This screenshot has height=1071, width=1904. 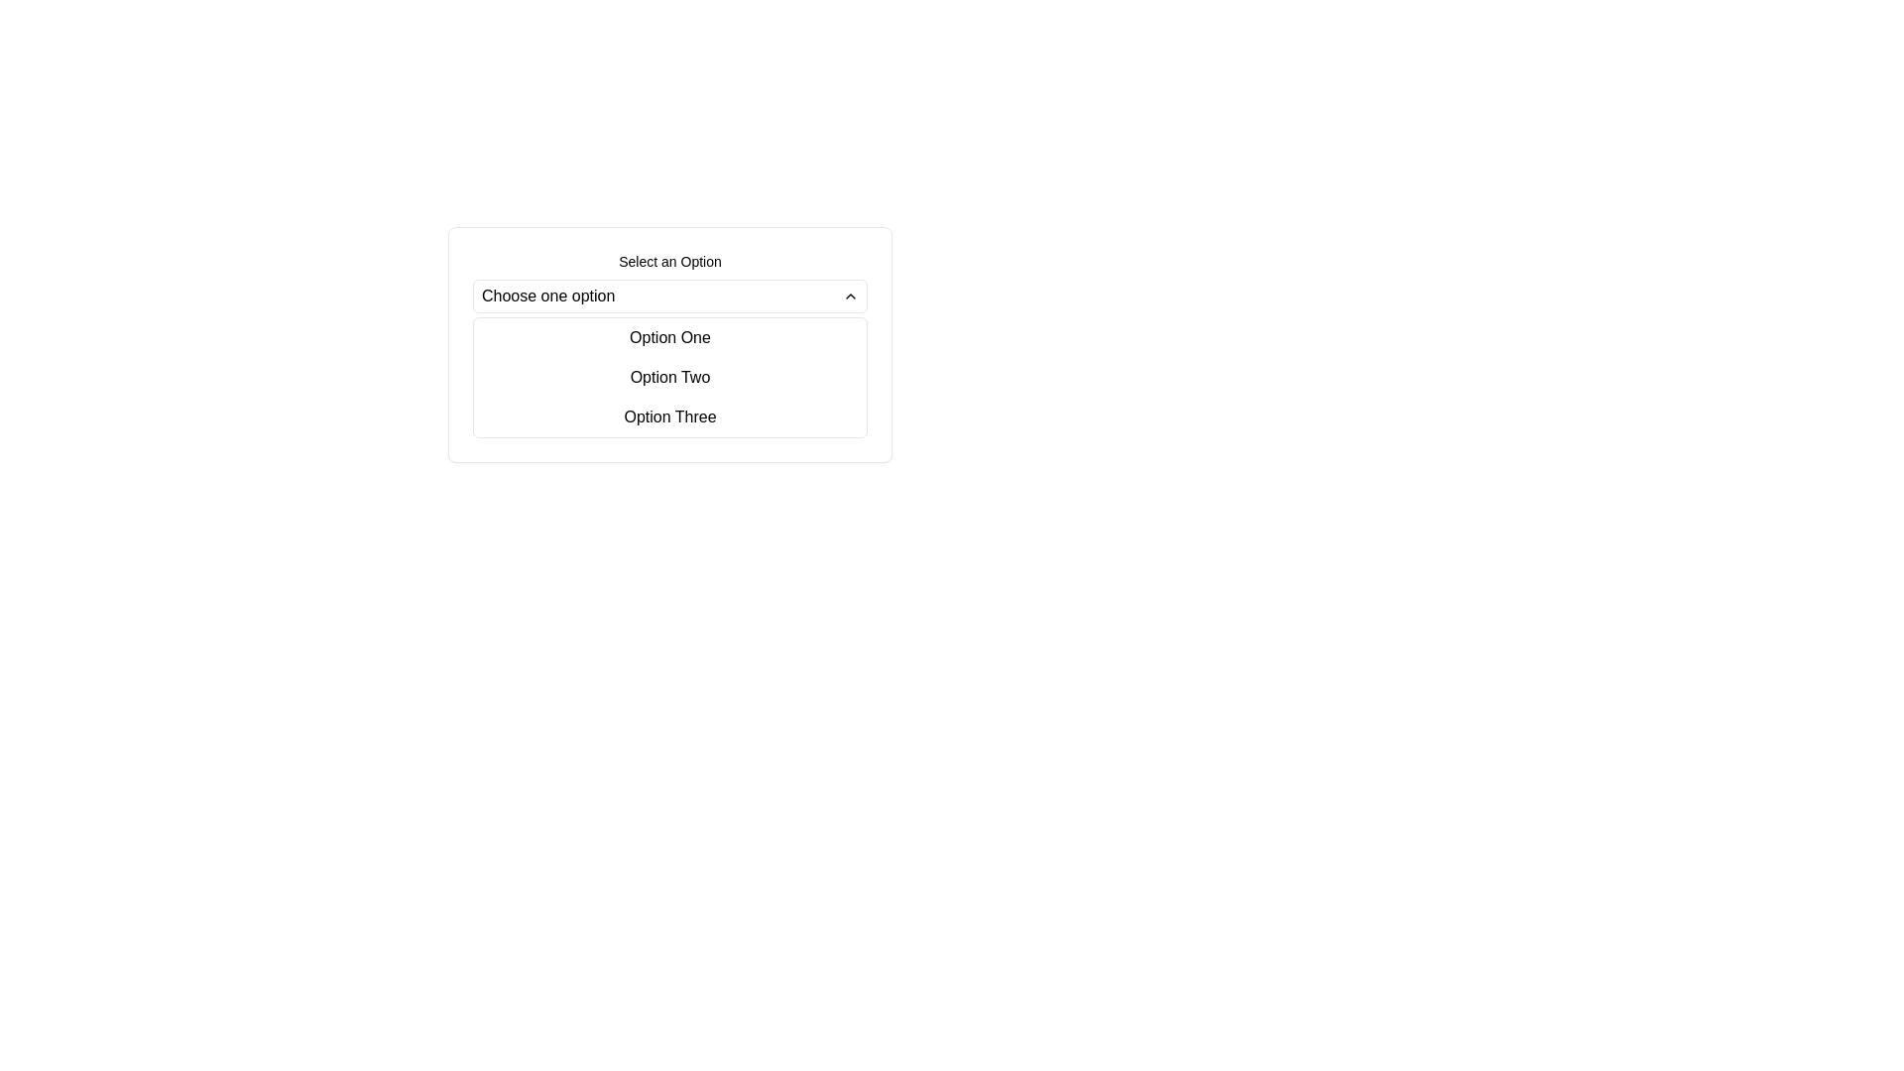 What do you see at coordinates (670, 378) in the screenshot?
I see `the text-based list item 'Option Two' in the dropdown menu` at bounding box center [670, 378].